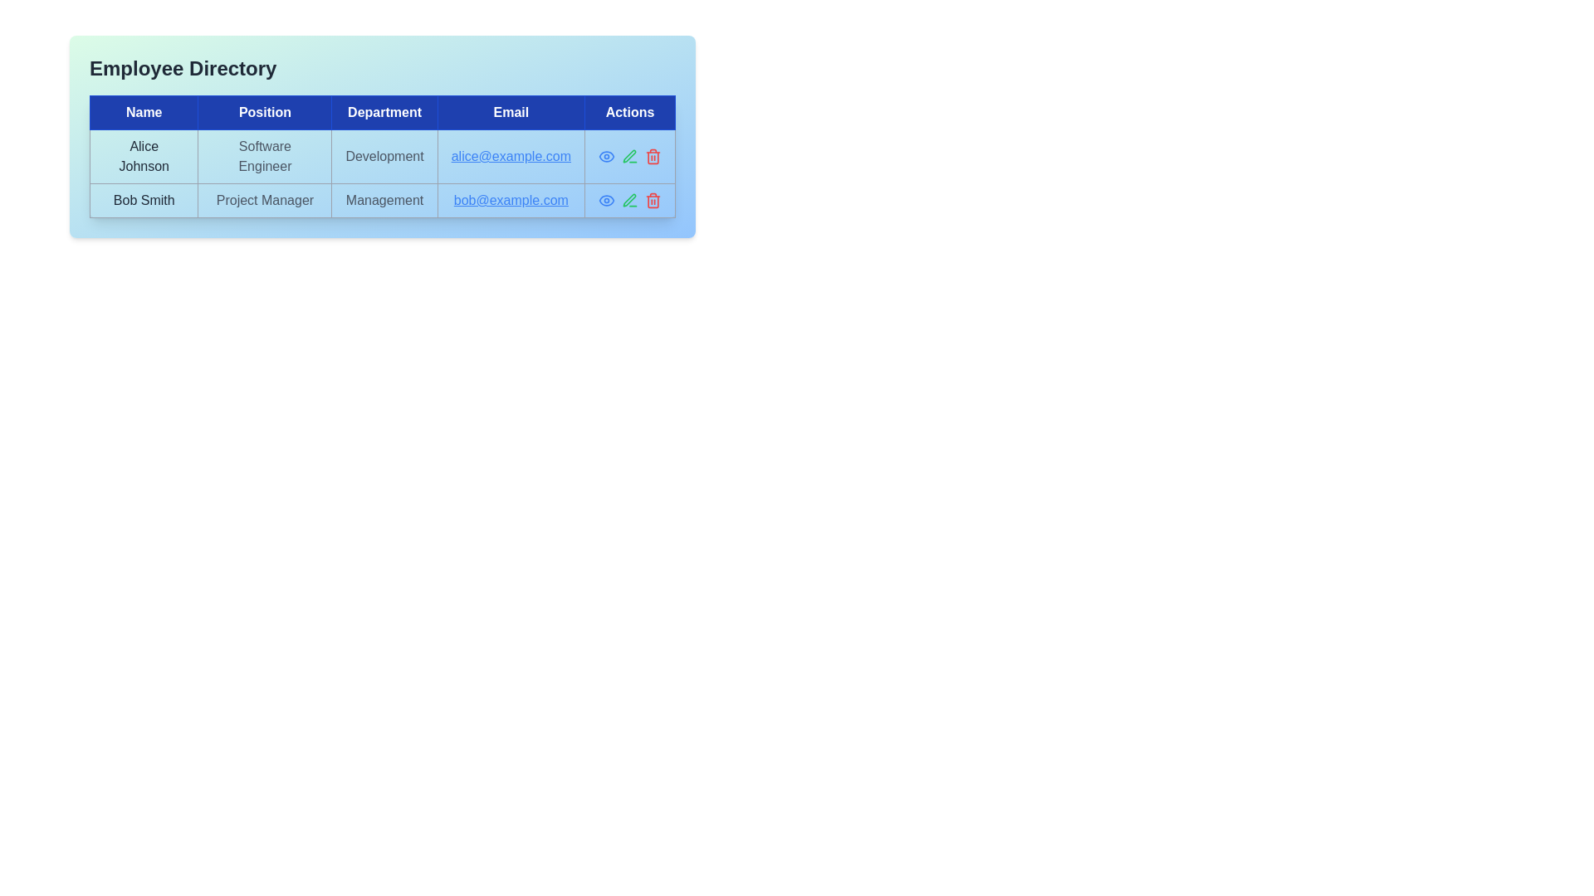 This screenshot has height=896, width=1594. What do you see at coordinates (264, 200) in the screenshot?
I see `the 'Project Manager' label in the second row of the 'Position' column, which is styled with a light gray box and darker gray text, positioned between 'Bob Smith' and 'Management'` at bounding box center [264, 200].